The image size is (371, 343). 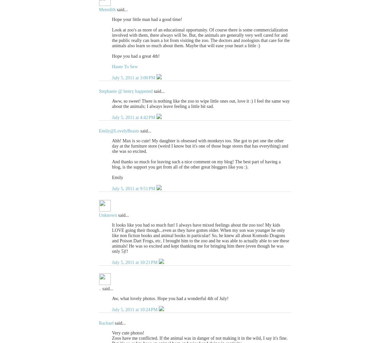 What do you see at coordinates (200, 145) in the screenshot?
I see `'Ahh! Max is so cute! My daughter is obsessed with monkeys too. She got to pet one the other day at the furniture store (weird I know but it's one of those huge stores that has everything) and she was so excited.'` at bounding box center [200, 145].